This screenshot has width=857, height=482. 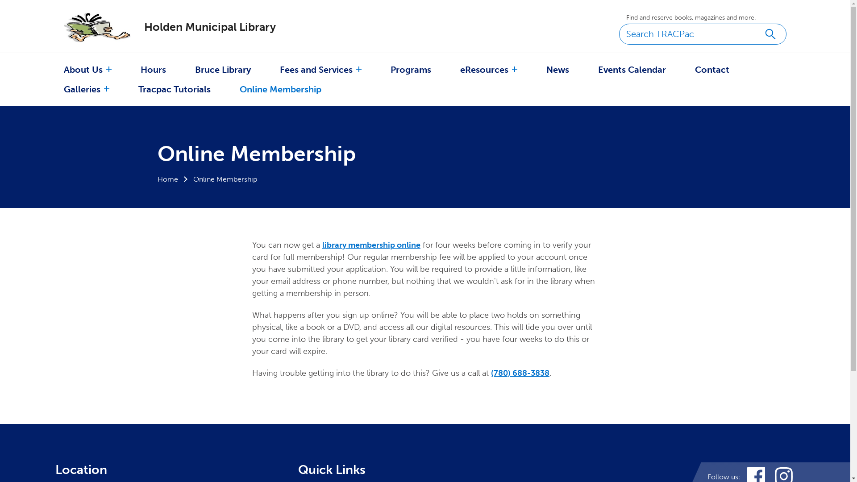 I want to click on 'News', so click(x=546, y=69).